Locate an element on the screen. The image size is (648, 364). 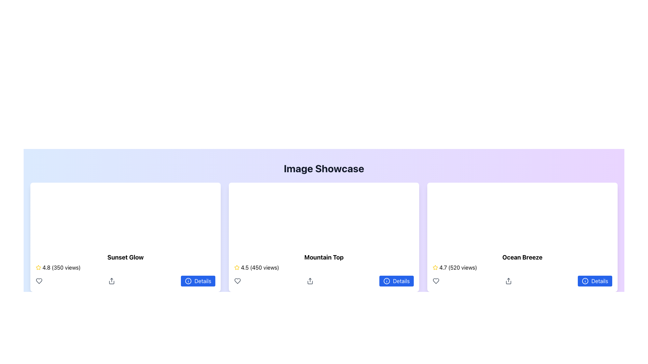
the 'Details' button with a blue background and white text, located at the bottom of the 'Sunset Glow' card is located at coordinates (197, 281).